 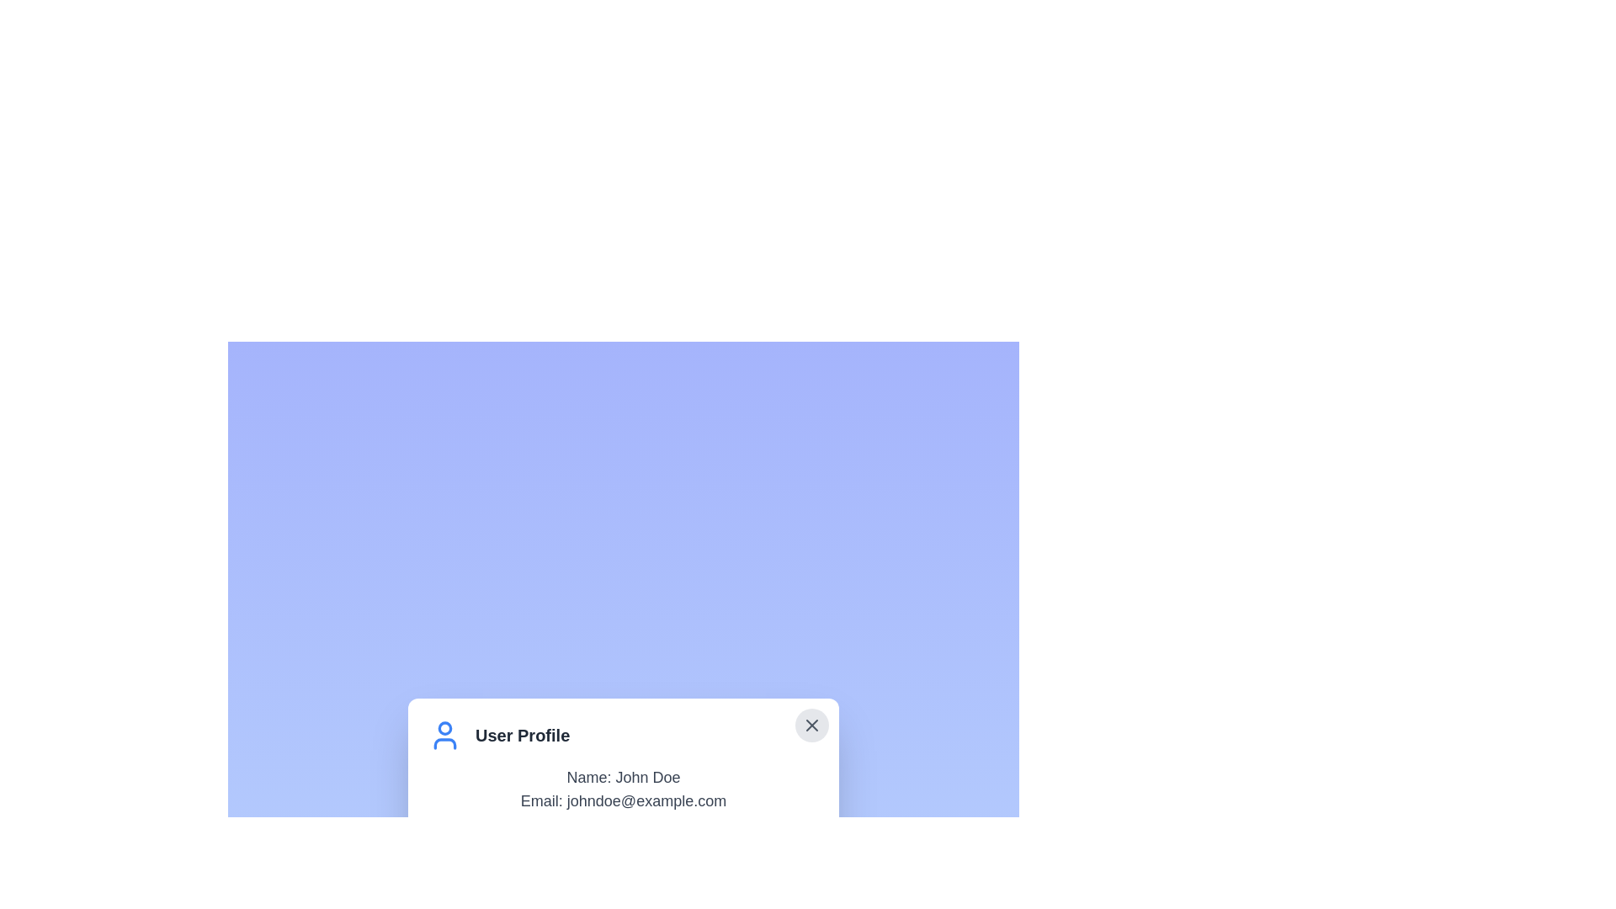 What do you see at coordinates (811, 724) in the screenshot?
I see `the Close Button (SVG Icon) located in the top-right corner of the user profile card to trigger a tooltip or visual effect` at bounding box center [811, 724].